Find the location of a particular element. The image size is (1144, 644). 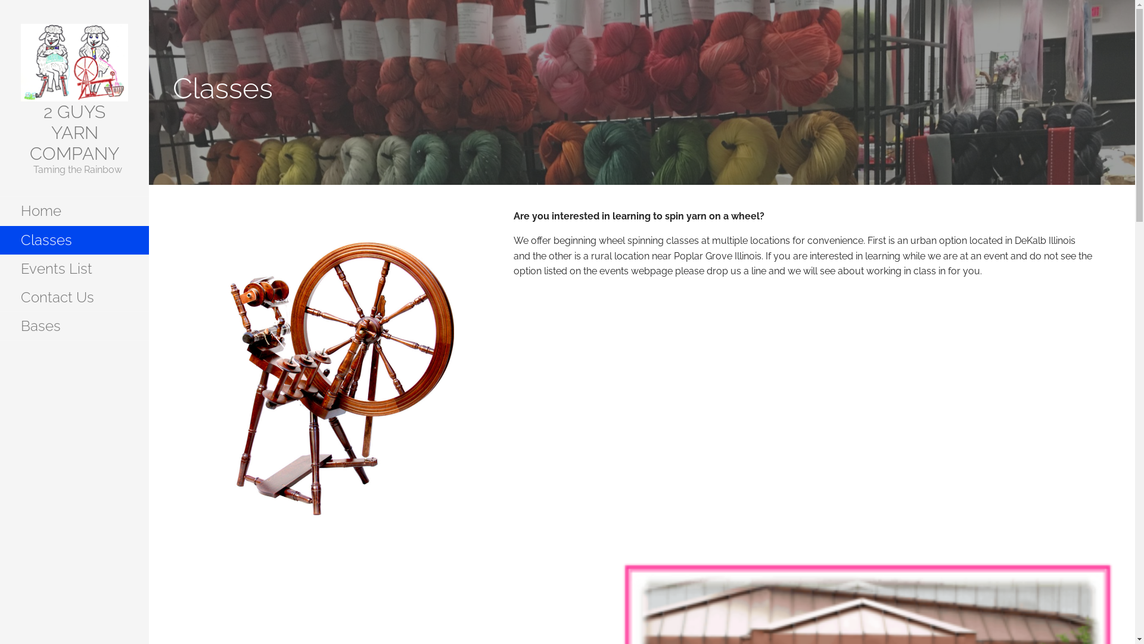

'2 GUYS YARN COMPANY' is located at coordinates (73, 132).